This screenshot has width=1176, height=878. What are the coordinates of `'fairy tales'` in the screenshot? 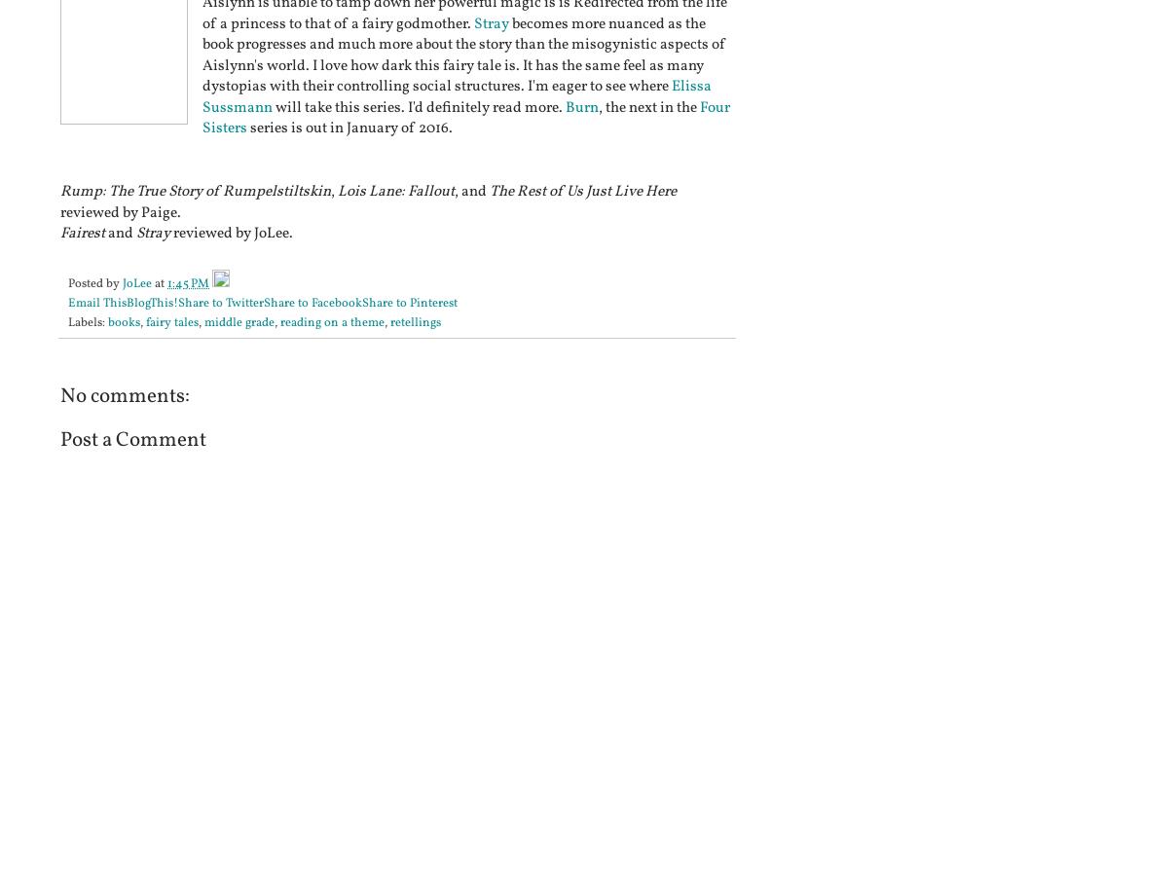 It's located at (171, 322).